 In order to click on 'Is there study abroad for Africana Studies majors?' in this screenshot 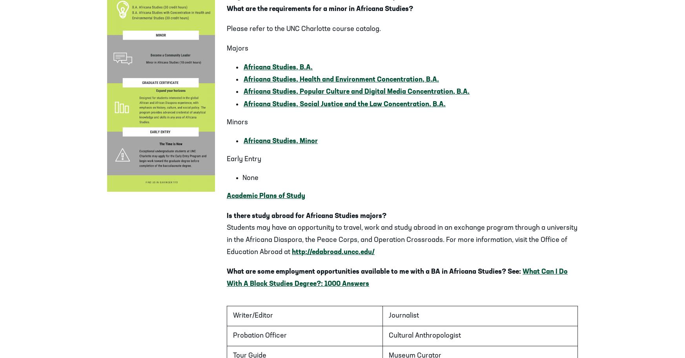, I will do `click(226, 215)`.